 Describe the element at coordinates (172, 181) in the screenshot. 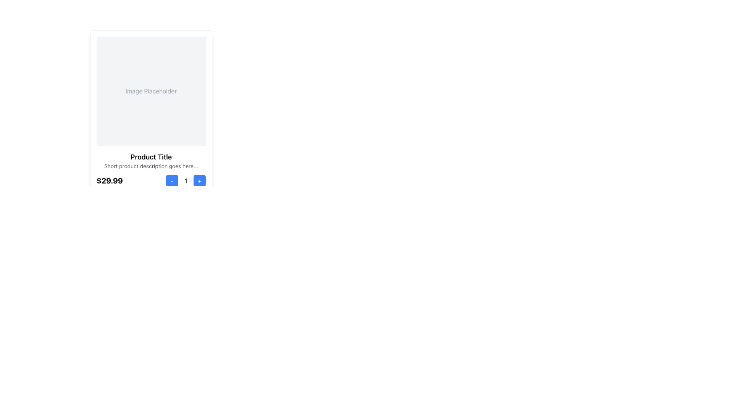

I see `the first button in the horizontal layout that decreases the quantity, located to the left of the numeral '1' and the blue '+' button, near the bottom center of the product card` at that location.